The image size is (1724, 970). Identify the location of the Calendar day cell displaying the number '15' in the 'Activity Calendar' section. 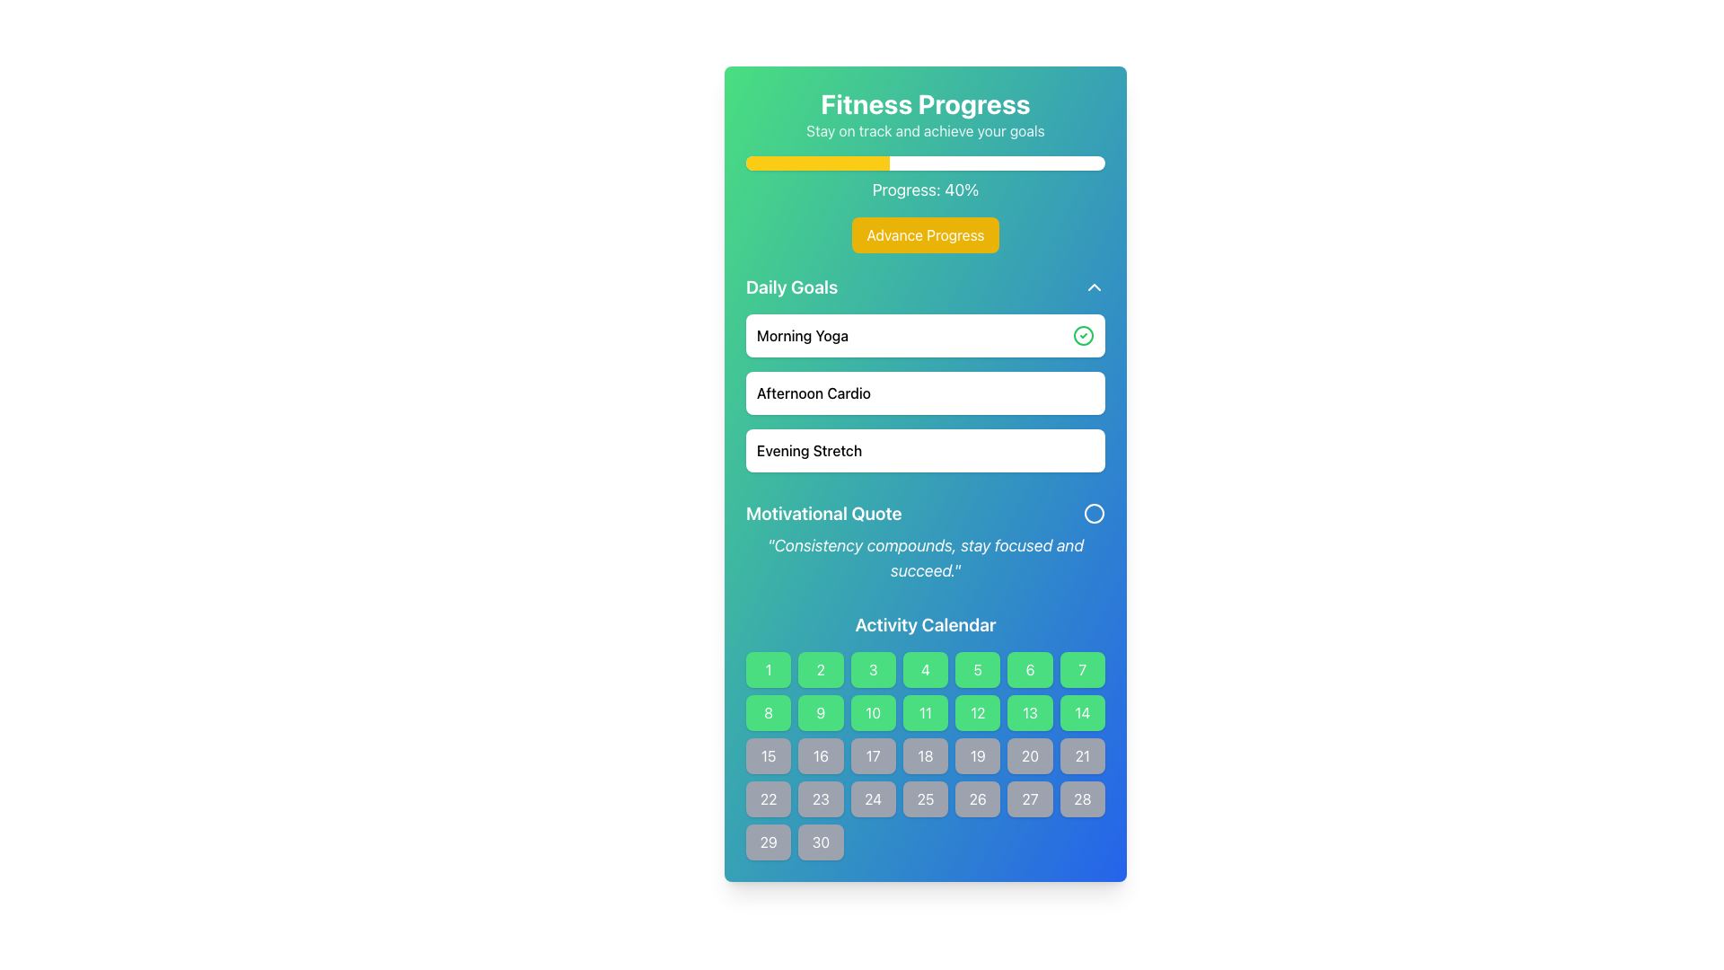
(769, 755).